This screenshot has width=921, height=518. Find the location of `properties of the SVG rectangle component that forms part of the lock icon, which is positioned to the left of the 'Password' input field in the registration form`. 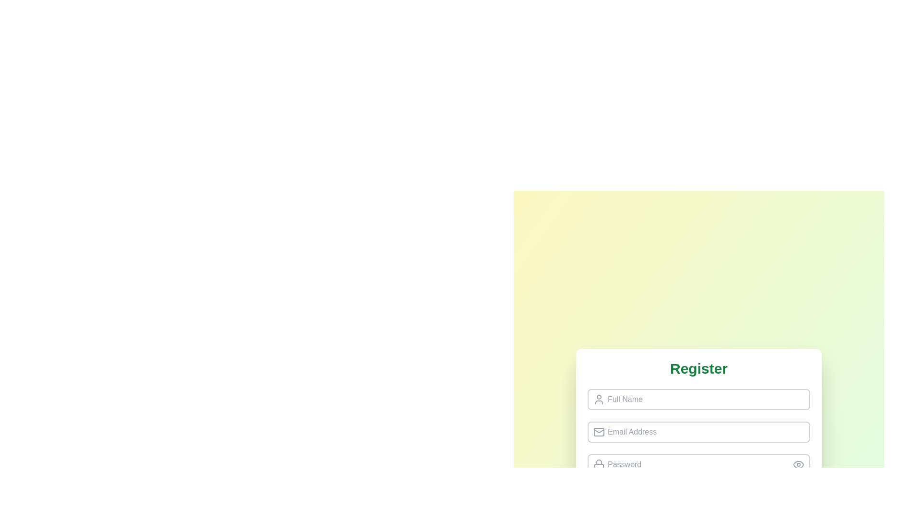

properties of the SVG rectangle component that forms part of the lock icon, which is positioned to the left of the 'Password' input field in the registration form is located at coordinates (598, 466).